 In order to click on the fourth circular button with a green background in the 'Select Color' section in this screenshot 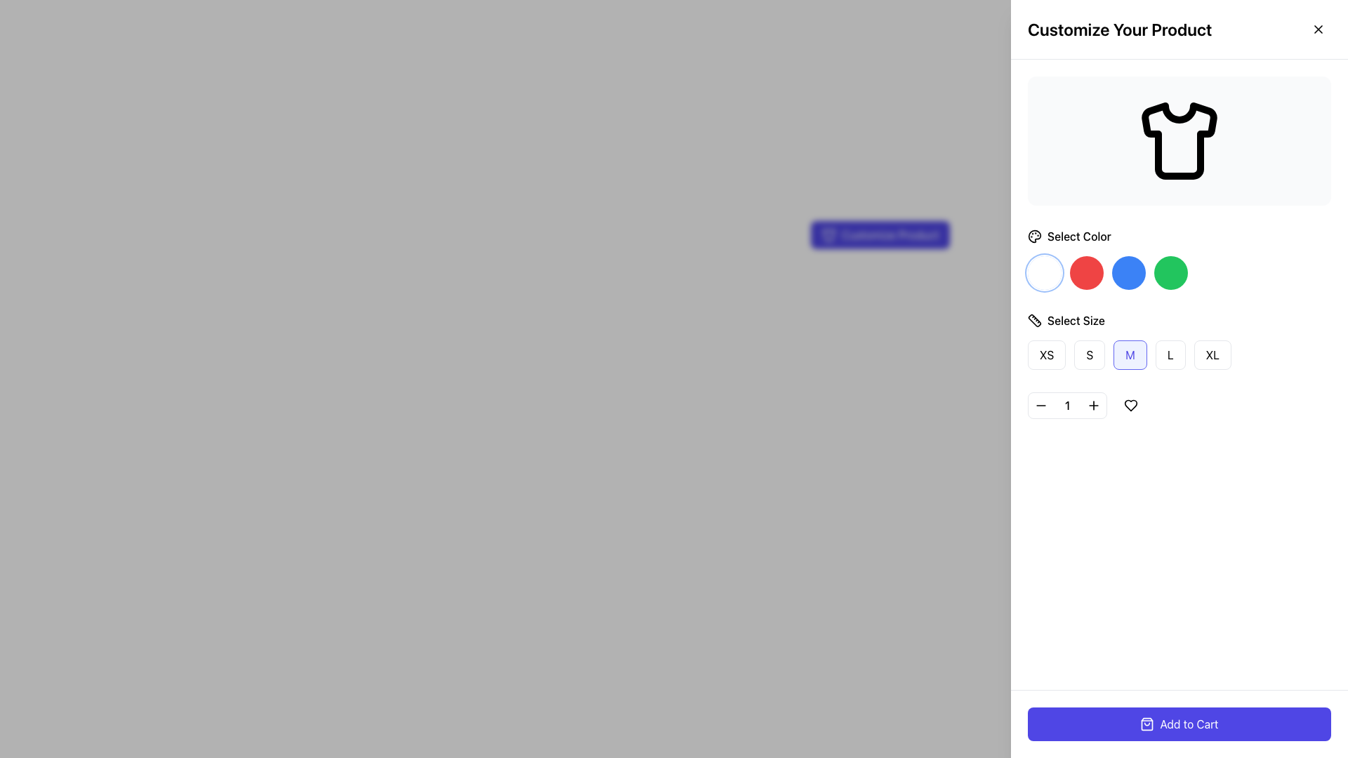, I will do `click(1171, 273)`.